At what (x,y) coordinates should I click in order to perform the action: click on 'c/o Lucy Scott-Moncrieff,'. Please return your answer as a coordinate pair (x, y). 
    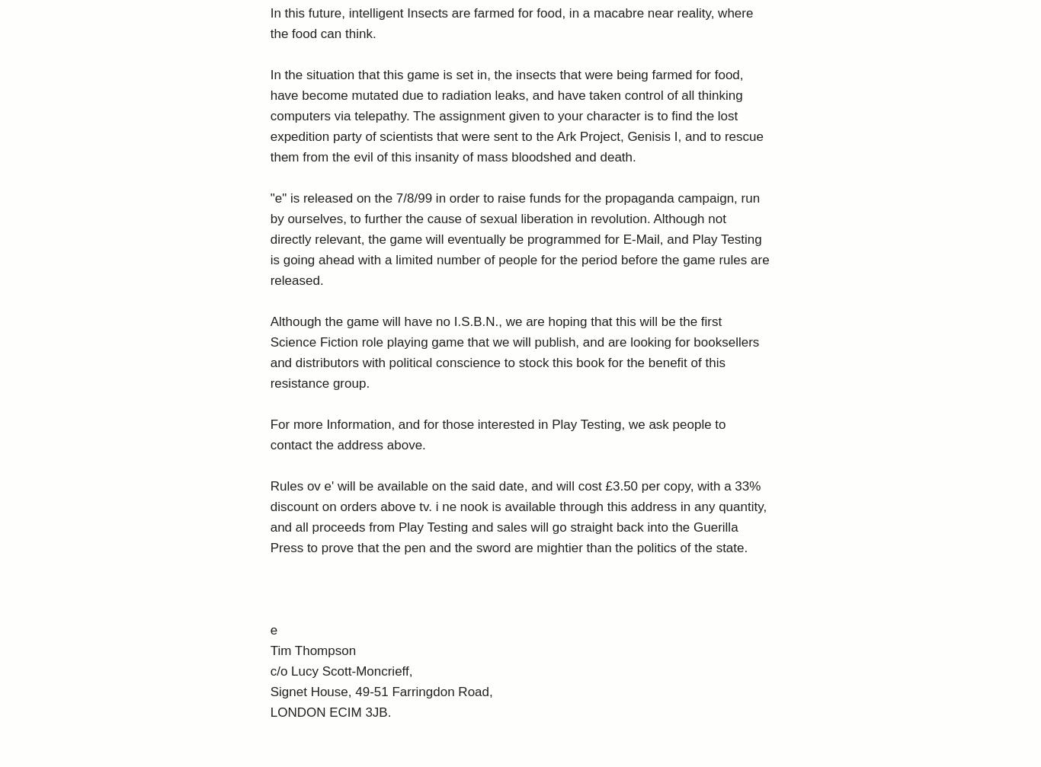
    Looking at the image, I should click on (340, 670).